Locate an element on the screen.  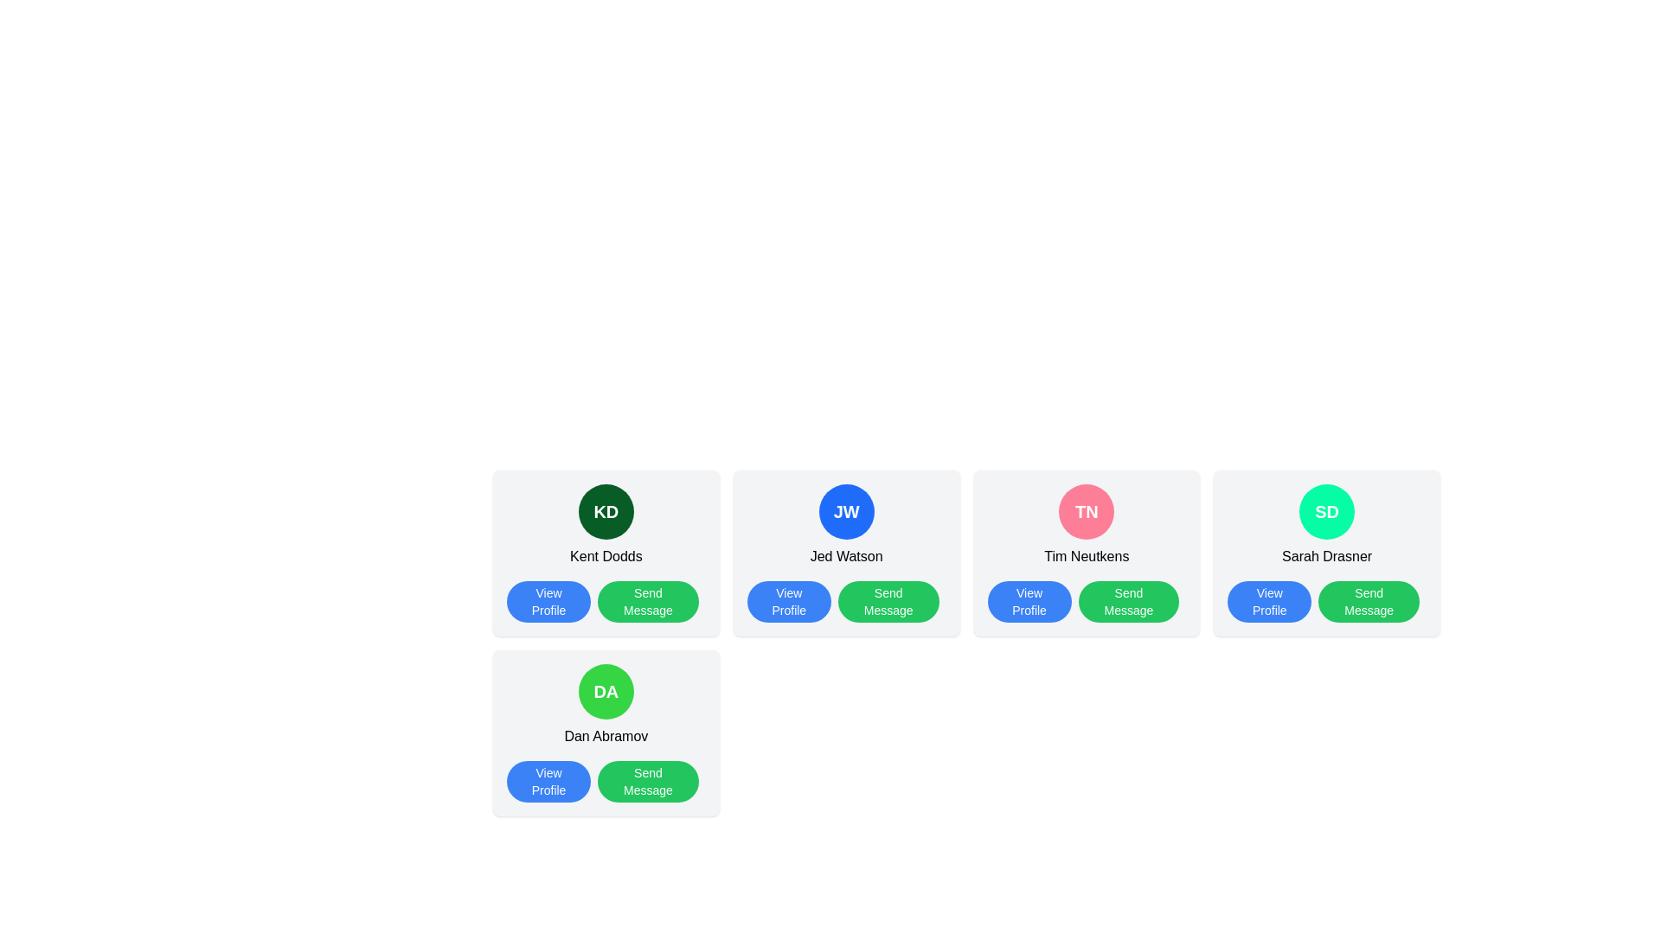
the profile card for 'Kent Dodds', which is the first card in the grid layout allowing users is located at coordinates (606, 553).